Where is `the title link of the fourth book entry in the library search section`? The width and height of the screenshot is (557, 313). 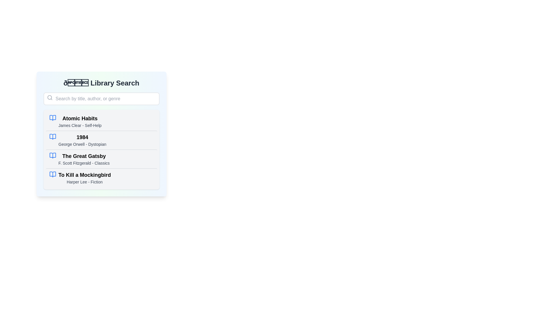
the title link of the fourth book entry in the library search section is located at coordinates (84, 177).